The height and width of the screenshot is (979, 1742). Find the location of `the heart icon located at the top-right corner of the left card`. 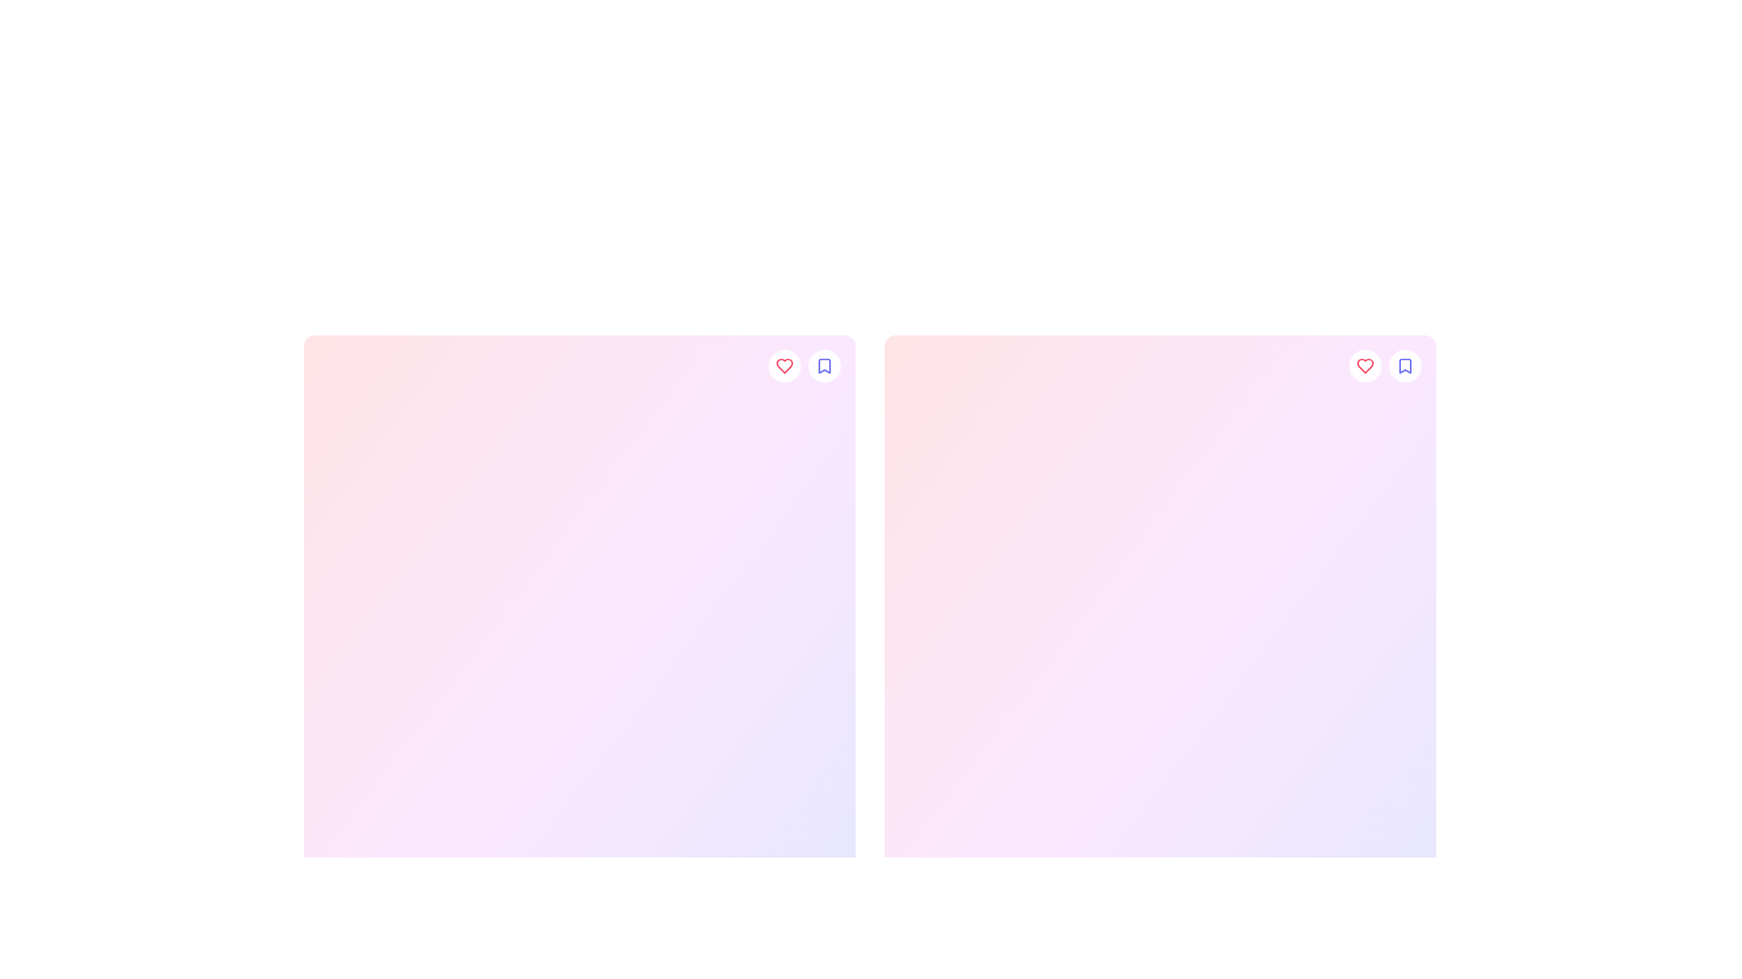

the heart icon located at the top-right corner of the left card is located at coordinates (784, 366).